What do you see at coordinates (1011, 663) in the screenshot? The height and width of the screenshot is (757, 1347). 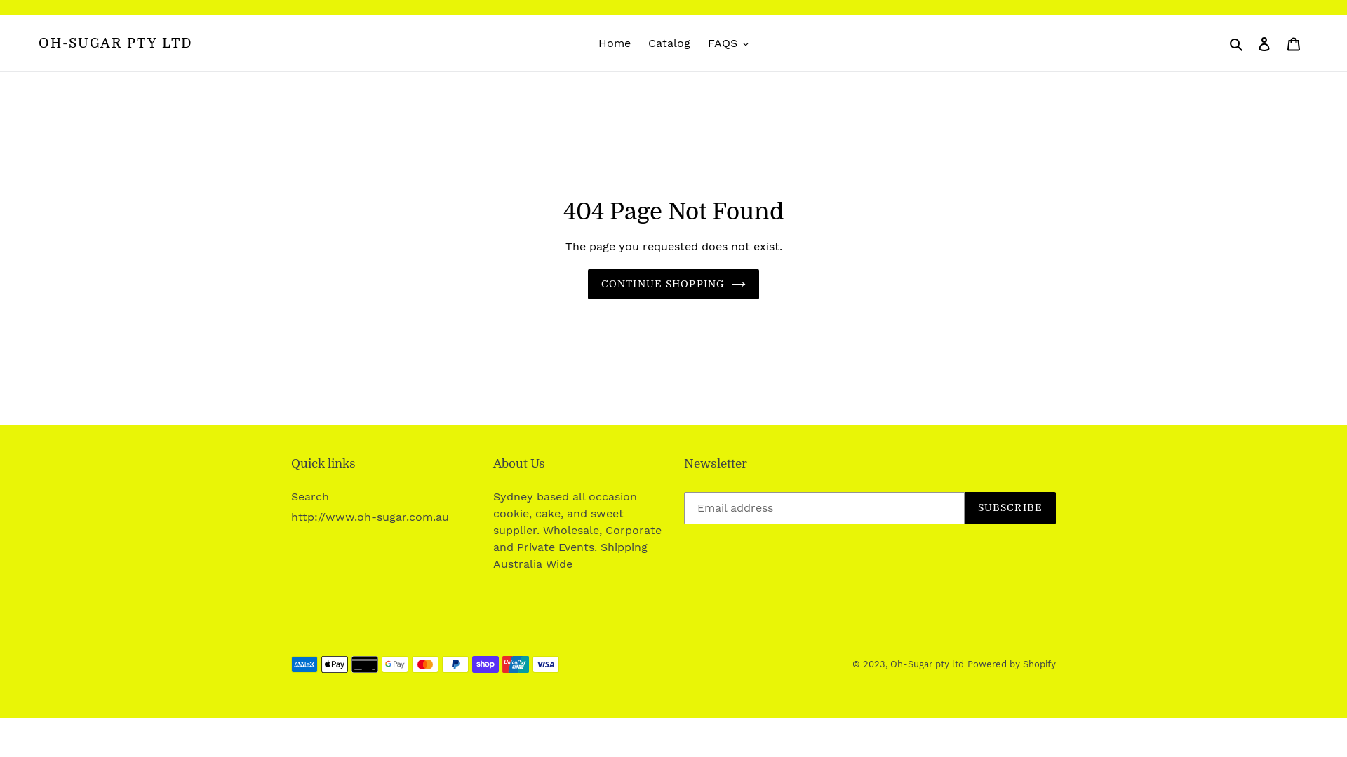 I see `'Powered by Shopify'` at bounding box center [1011, 663].